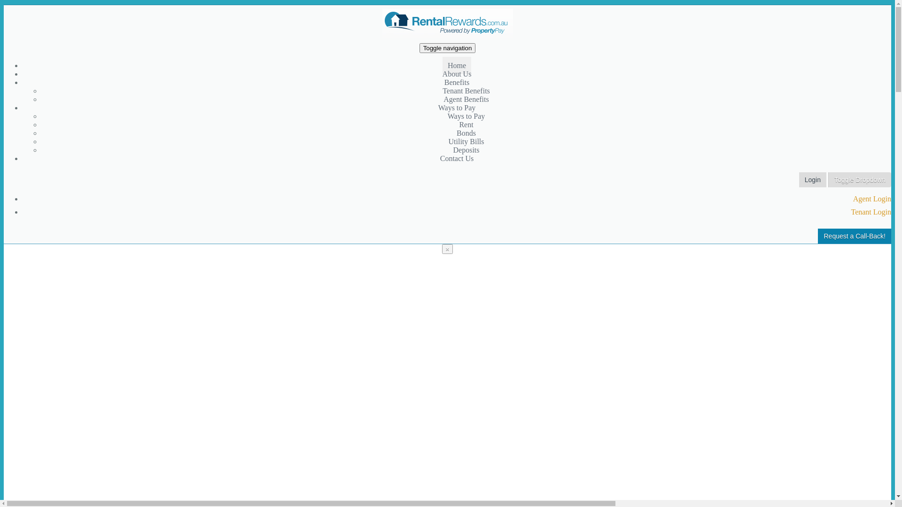  Describe the element at coordinates (467, 115) in the screenshot. I see `'Ways to Pay'` at that location.